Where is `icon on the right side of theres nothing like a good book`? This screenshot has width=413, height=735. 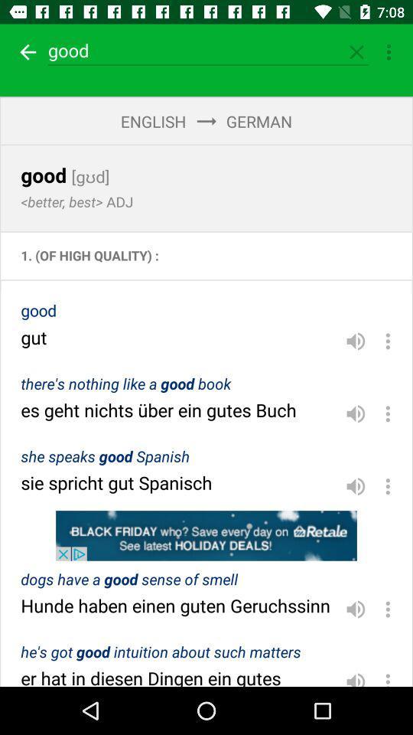 icon on the right side of theres nothing like a good book is located at coordinates (355, 413).